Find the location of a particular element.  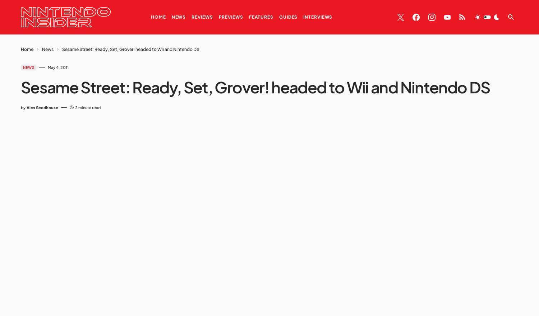

'Previews' is located at coordinates (231, 17).